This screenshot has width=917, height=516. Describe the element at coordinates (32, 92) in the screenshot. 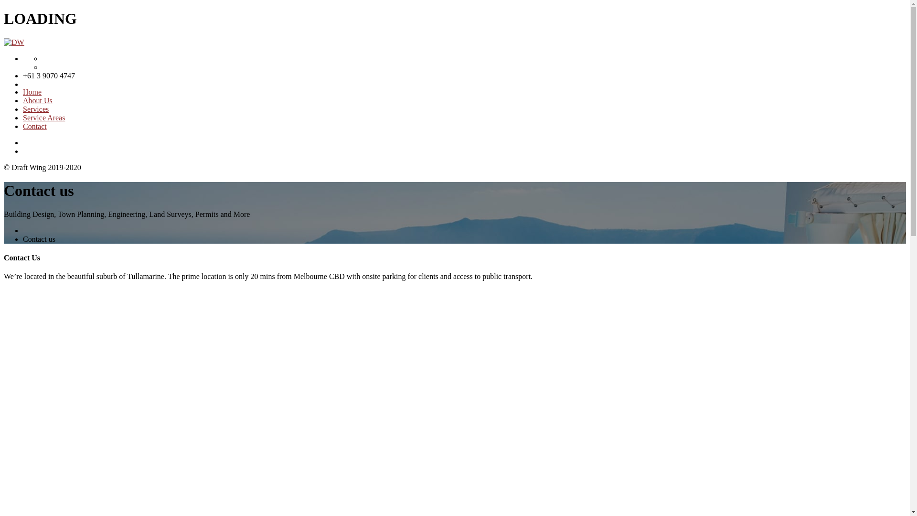

I see `'Home'` at that location.